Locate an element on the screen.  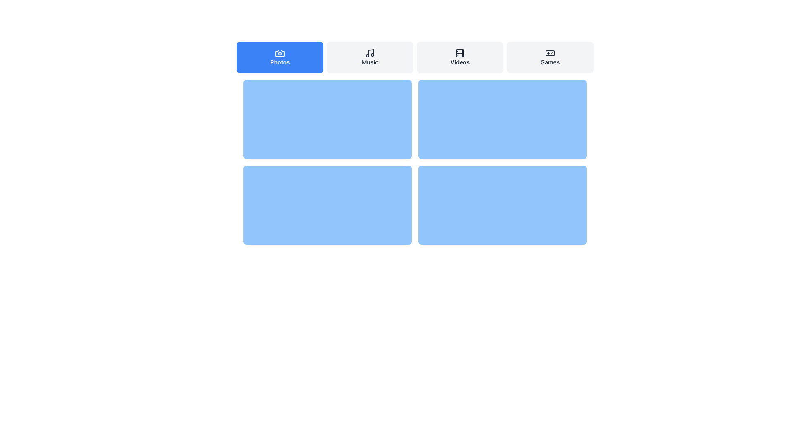
the 'film reel' icon in the 'Videos' section of the navigation interface, which is styled as a 24x24 SVG graphic and positioned directly above the text label 'Videos' is located at coordinates (459, 53).